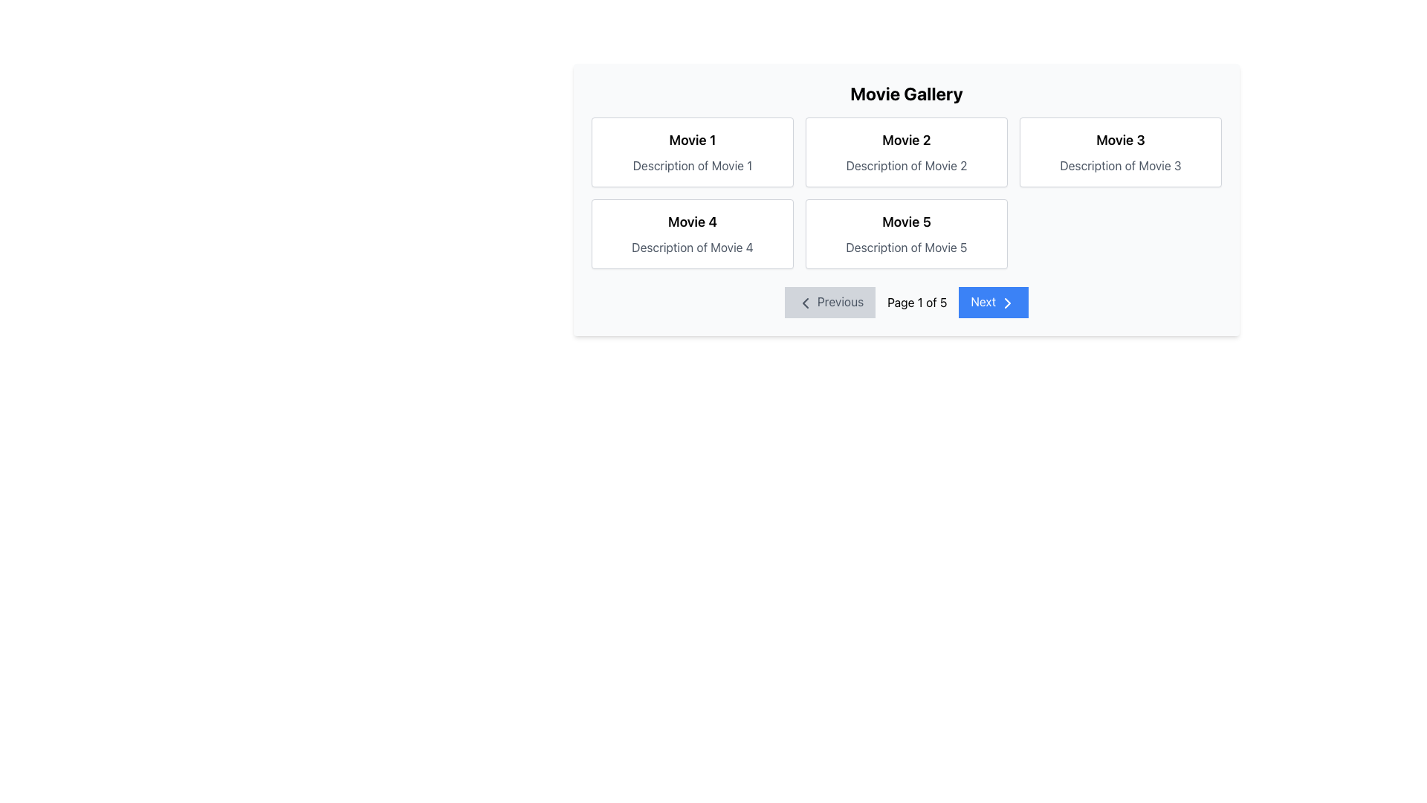  Describe the element at coordinates (916, 301) in the screenshot. I see `the Text Display element that indicates the current page number in the pagination, located between the 'Previous' and 'Next' buttons in the bottom navigation bar` at that location.